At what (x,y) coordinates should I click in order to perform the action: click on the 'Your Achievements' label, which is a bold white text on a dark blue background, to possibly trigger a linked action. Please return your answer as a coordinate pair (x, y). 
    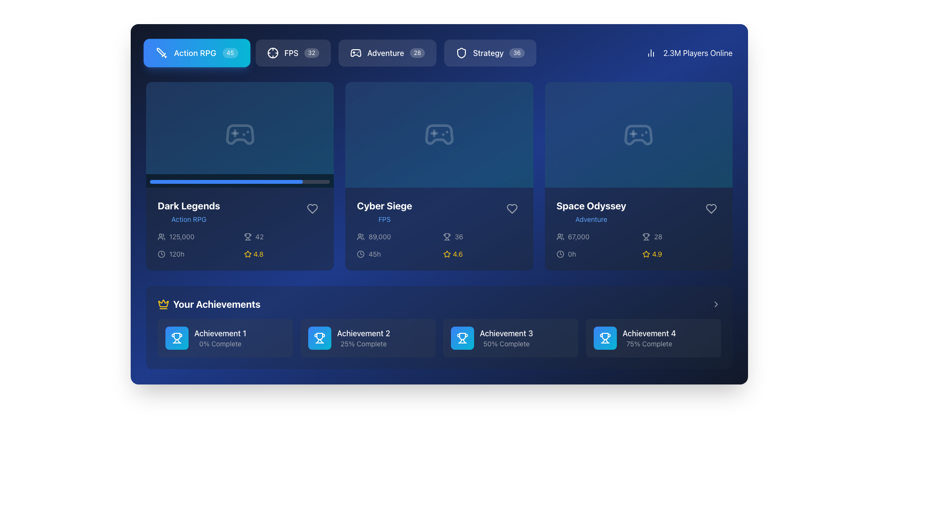
    Looking at the image, I should click on (216, 304).